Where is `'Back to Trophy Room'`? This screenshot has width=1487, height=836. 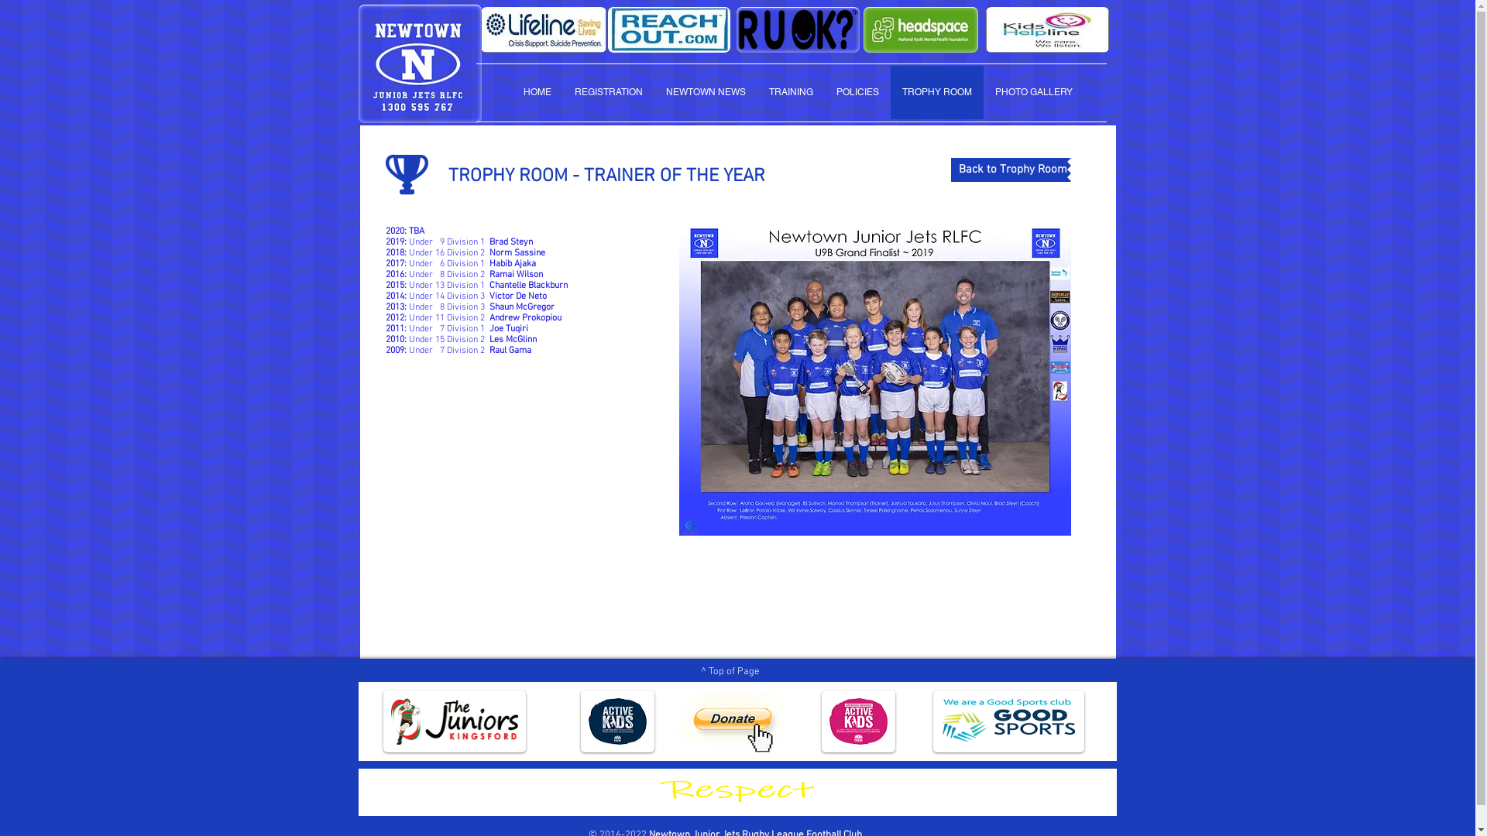
'Back to Trophy Room' is located at coordinates (1008, 170).